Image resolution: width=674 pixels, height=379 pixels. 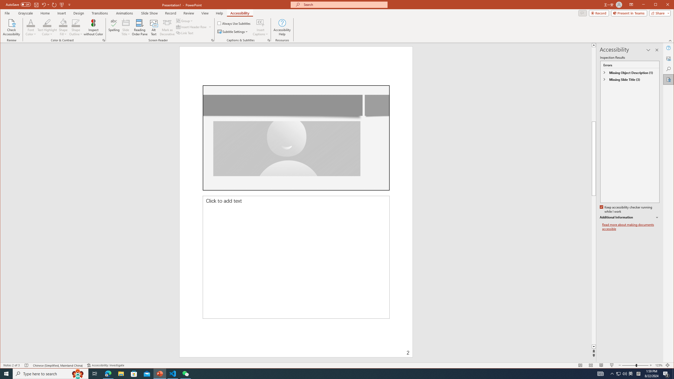 I want to click on 'Subtitle Settings', so click(x=233, y=31).